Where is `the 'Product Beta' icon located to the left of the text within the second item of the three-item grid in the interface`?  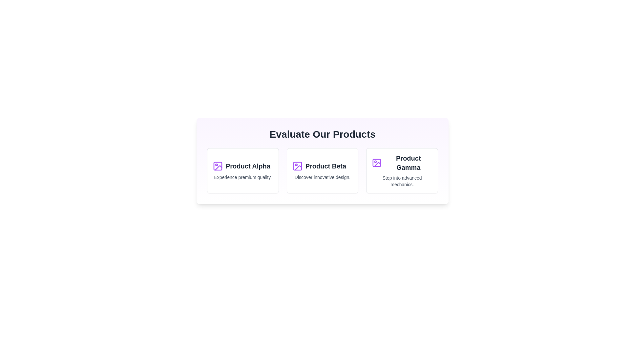 the 'Product Beta' icon located to the left of the text within the second item of the three-item grid in the interface is located at coordinates (297, 166).